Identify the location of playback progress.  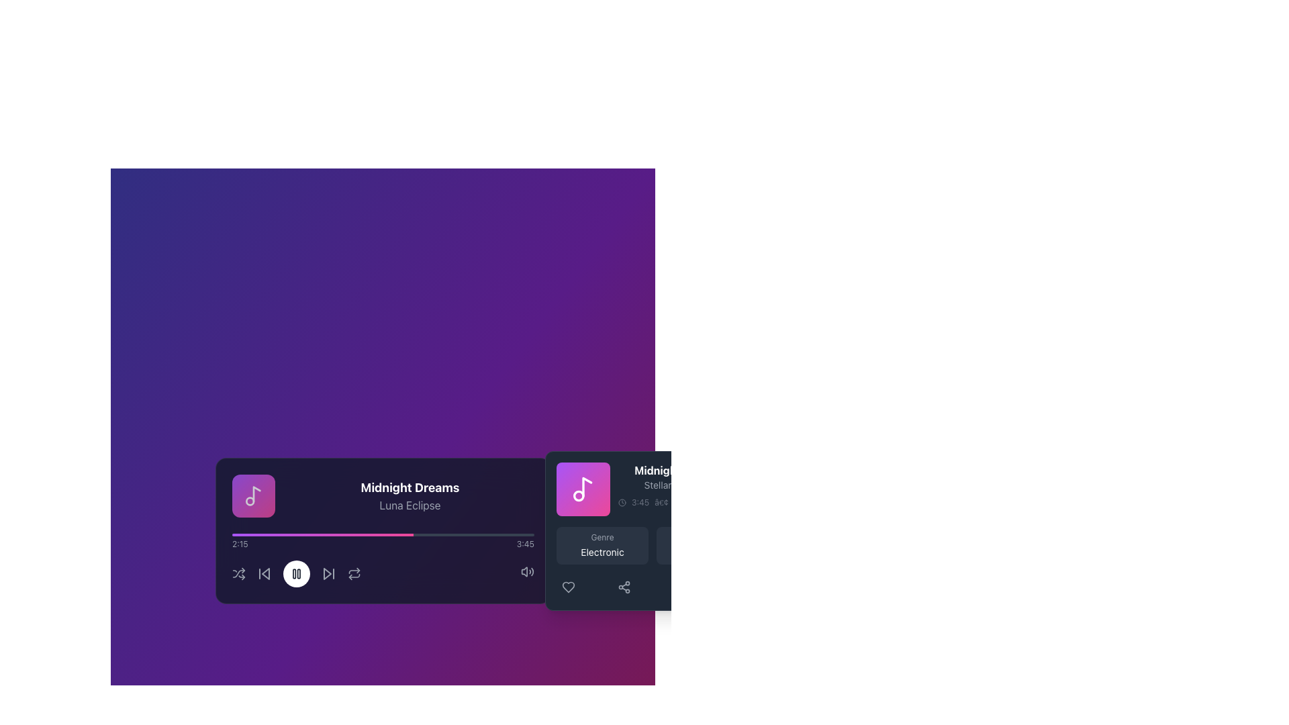
(318, 534).